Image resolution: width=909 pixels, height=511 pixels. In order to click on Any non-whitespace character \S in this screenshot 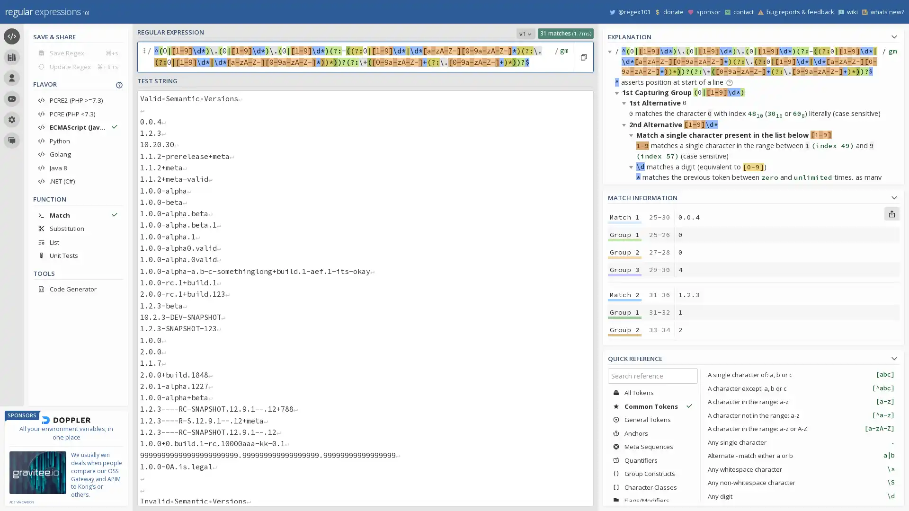, I will do `click(801, 482)`.